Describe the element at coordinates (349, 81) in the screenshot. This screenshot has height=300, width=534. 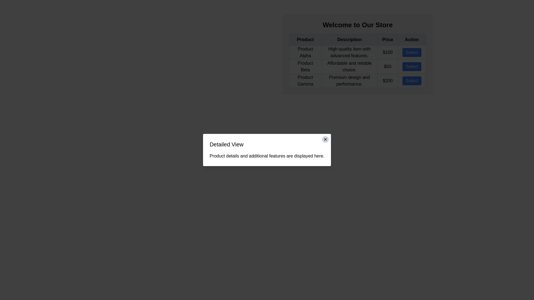
I see `the static text element that describes 'Product Gamma', which is located in the second column of the third row of the table` at that location.